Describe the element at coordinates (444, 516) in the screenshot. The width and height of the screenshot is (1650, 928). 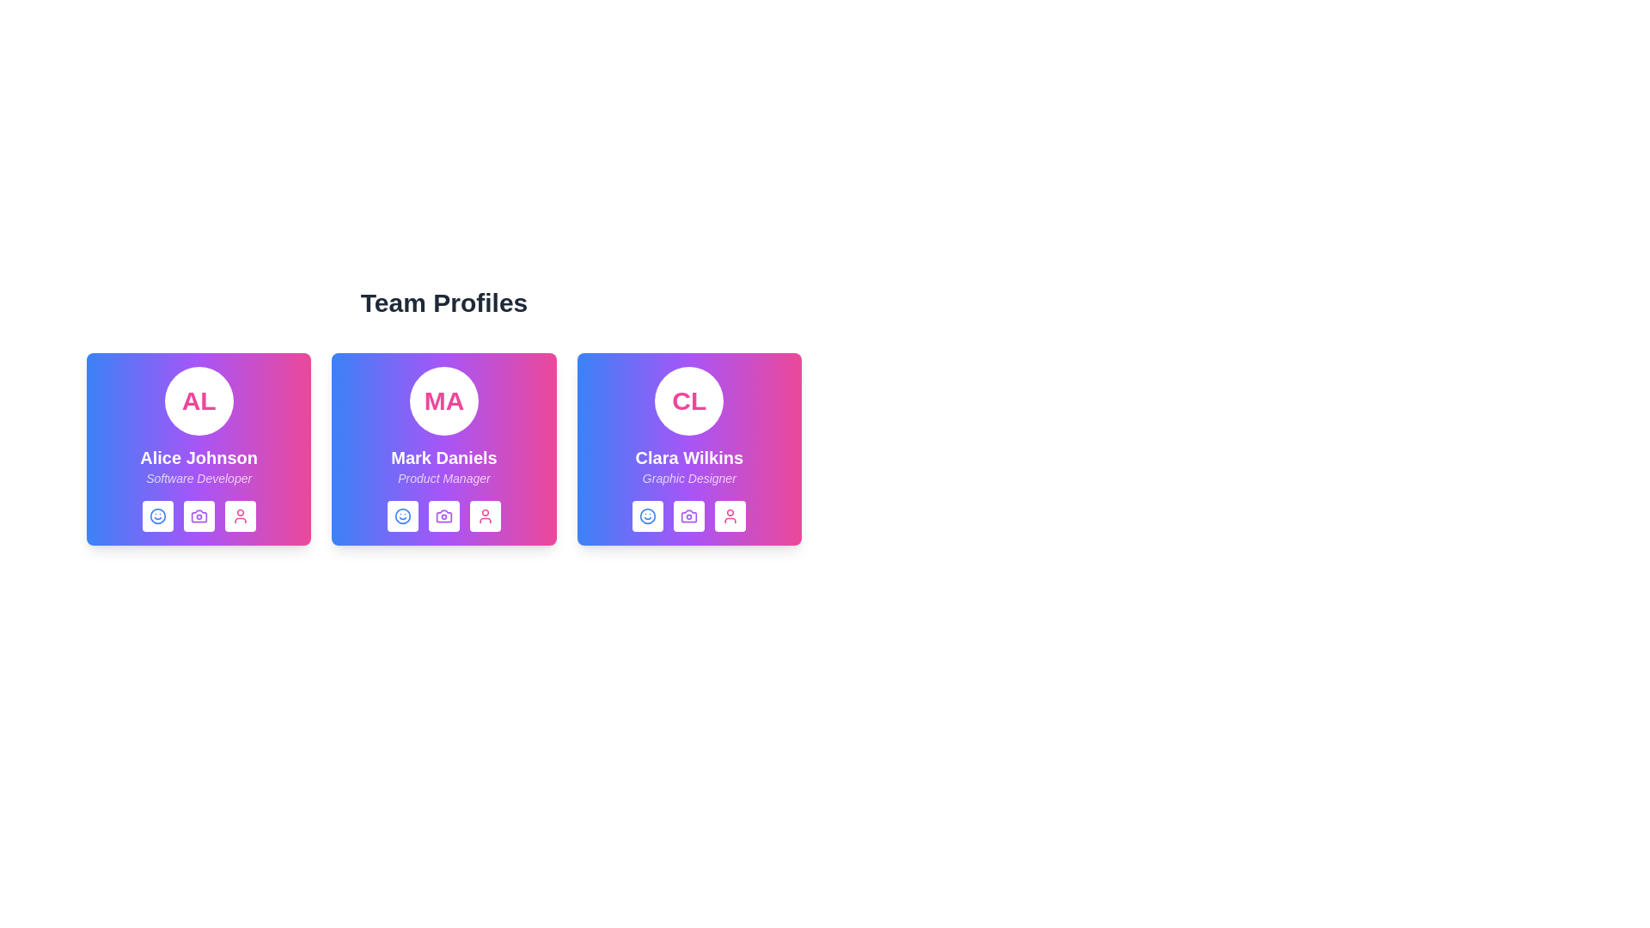
I see `the camera icon located in the lower section of the second profile card from the left, which serves as a symbolic representation for photo-related actions` at that location.